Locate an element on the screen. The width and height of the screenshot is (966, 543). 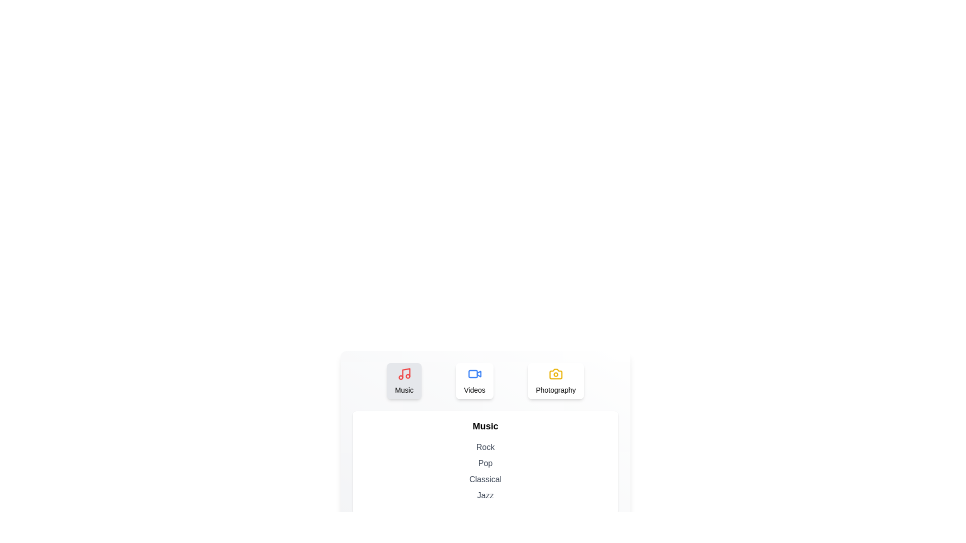
the tab labeled Videos to see its hover effect is located at coordinates (474, 381).